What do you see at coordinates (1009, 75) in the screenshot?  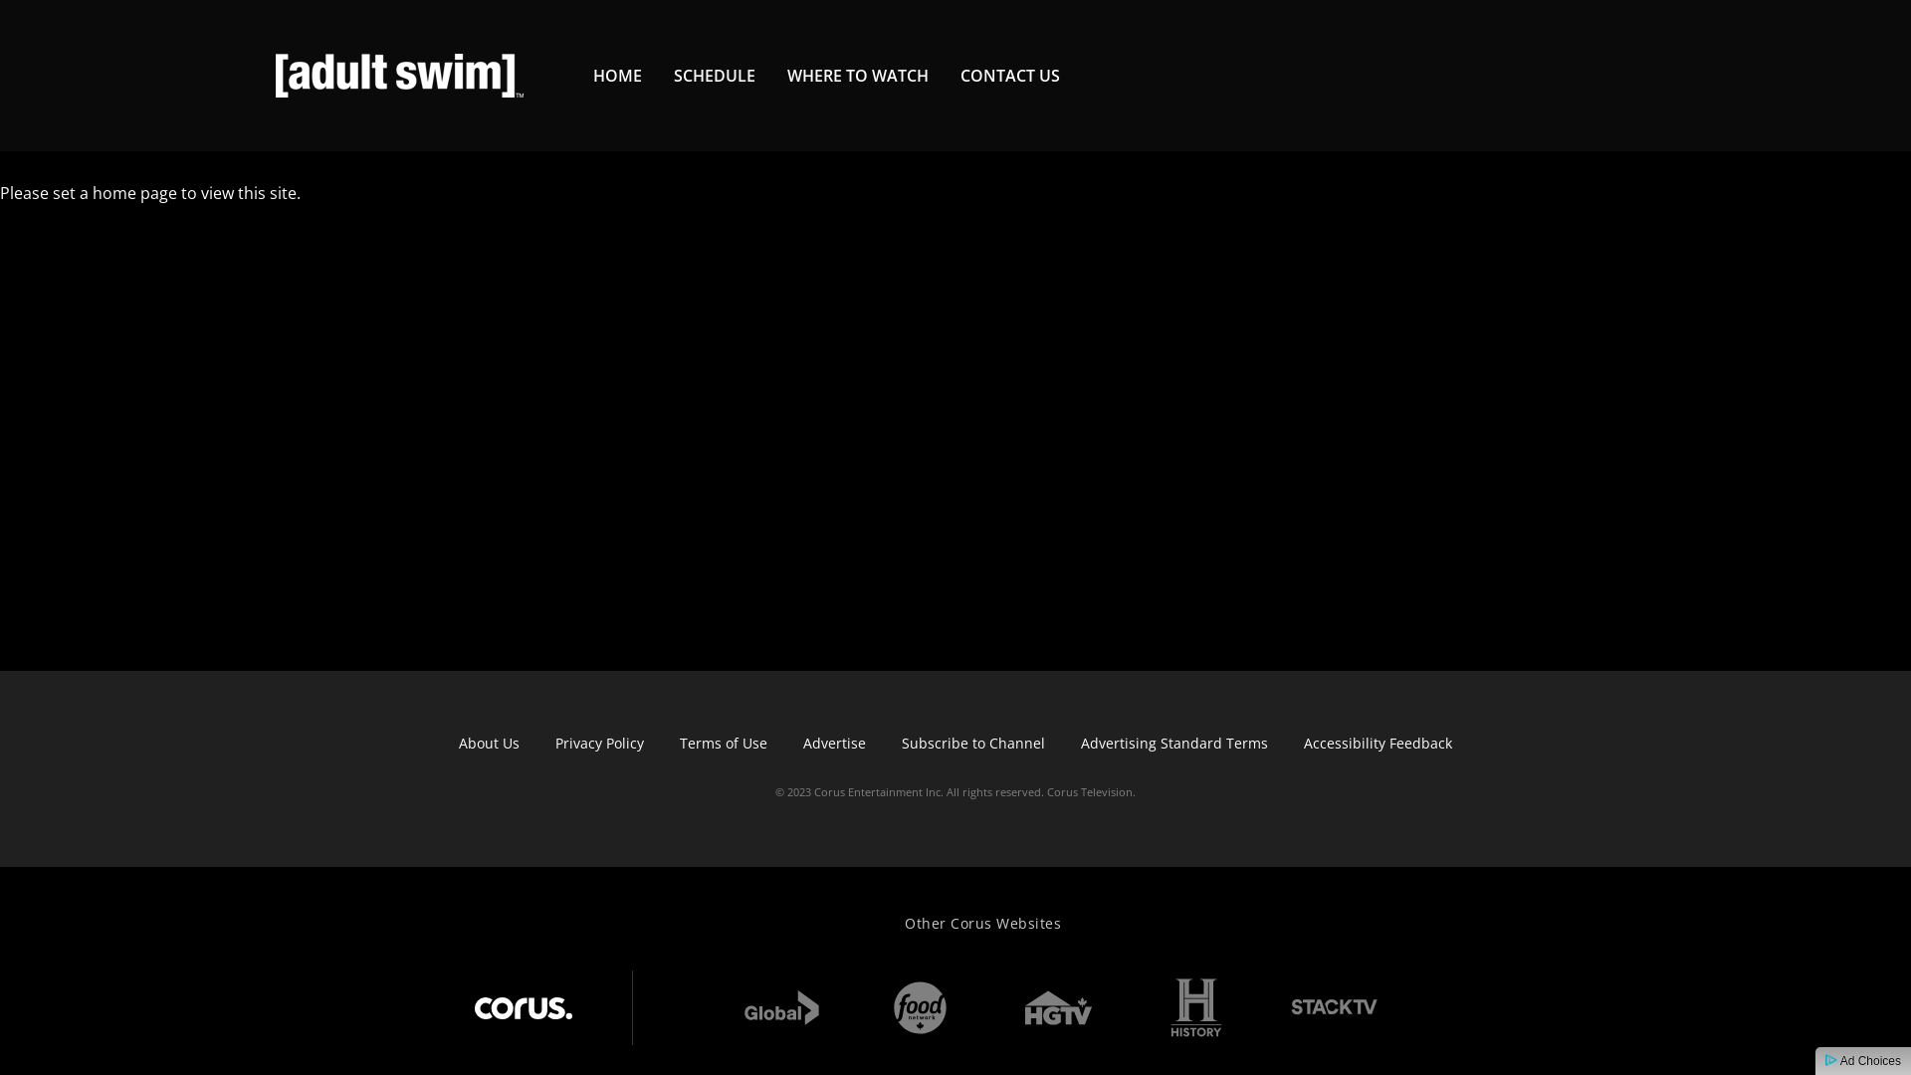 I see `'CONTACT US'` at bounding box center [1009, 75].